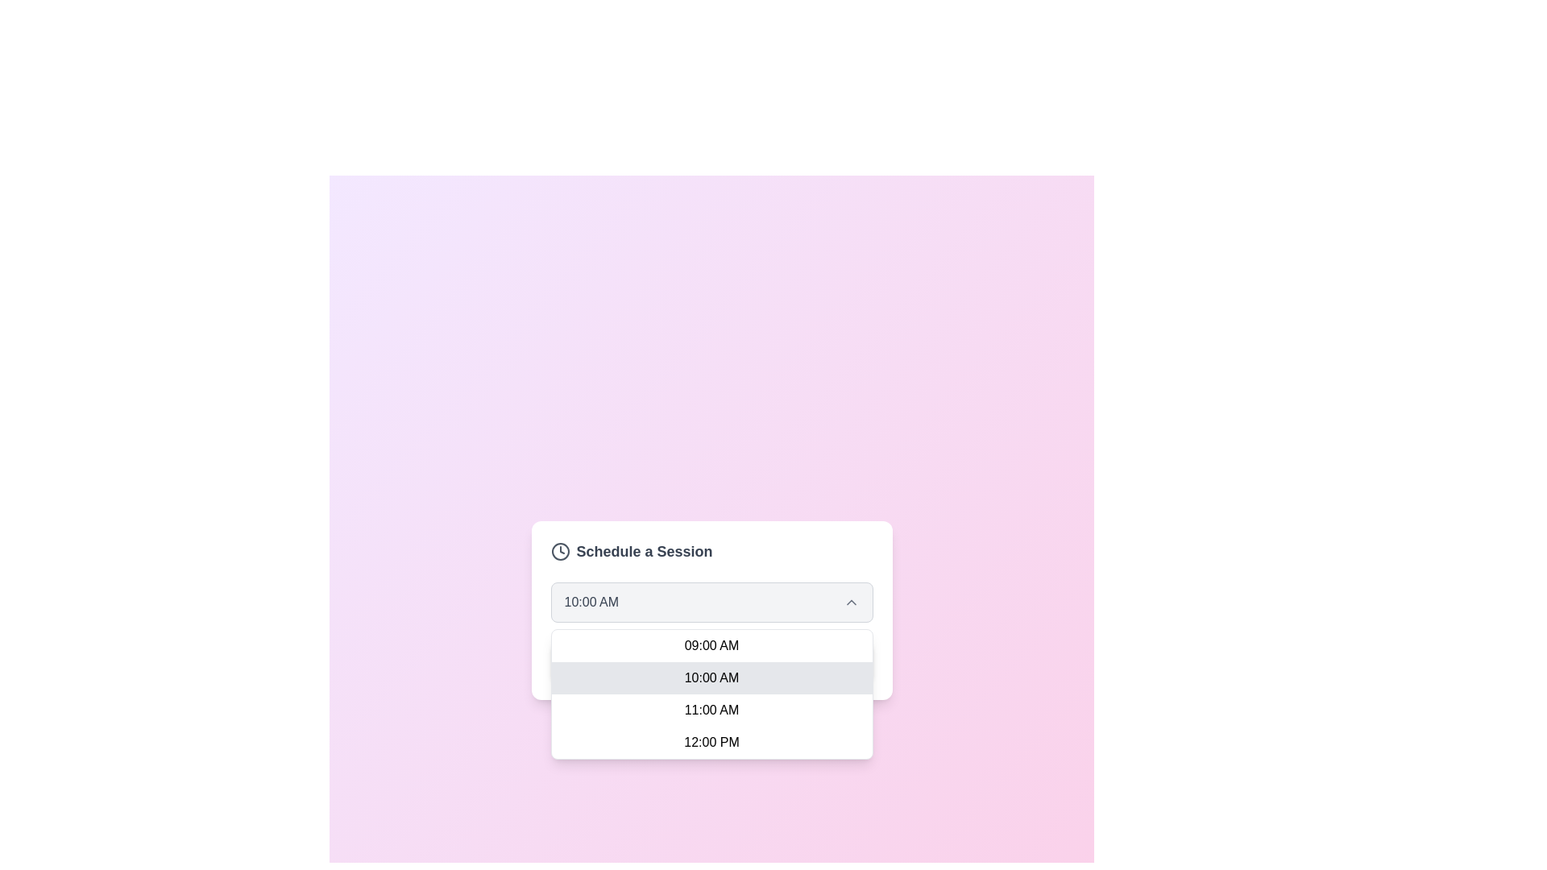  Describe the element at coordinates (711, 677) in the screenshot. I see `the dropdown list item displaying '10:00 AM'` at that location.